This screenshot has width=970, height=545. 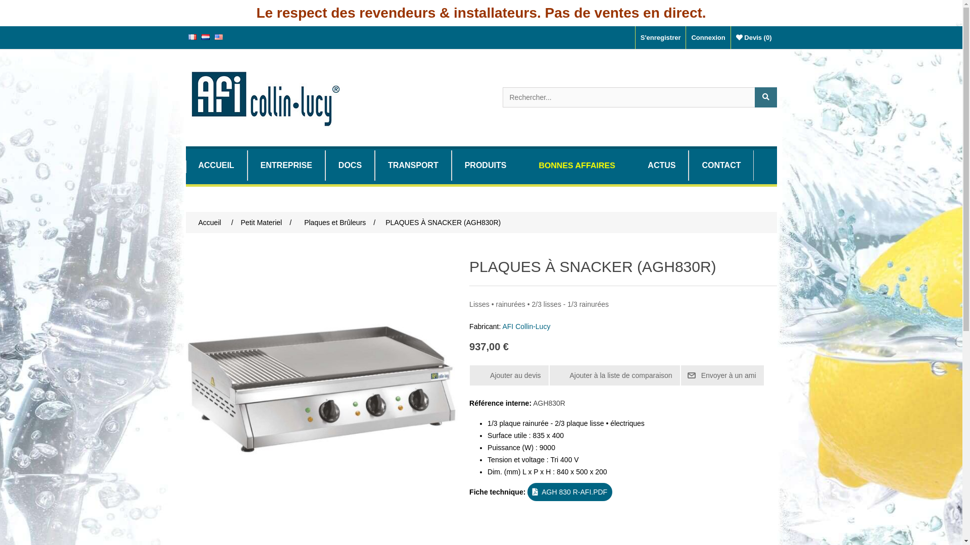 What do you see at coordinates (216, 165) in the screenshot?
I see `'ACCUEIL'` at bounding box center [216, 165].